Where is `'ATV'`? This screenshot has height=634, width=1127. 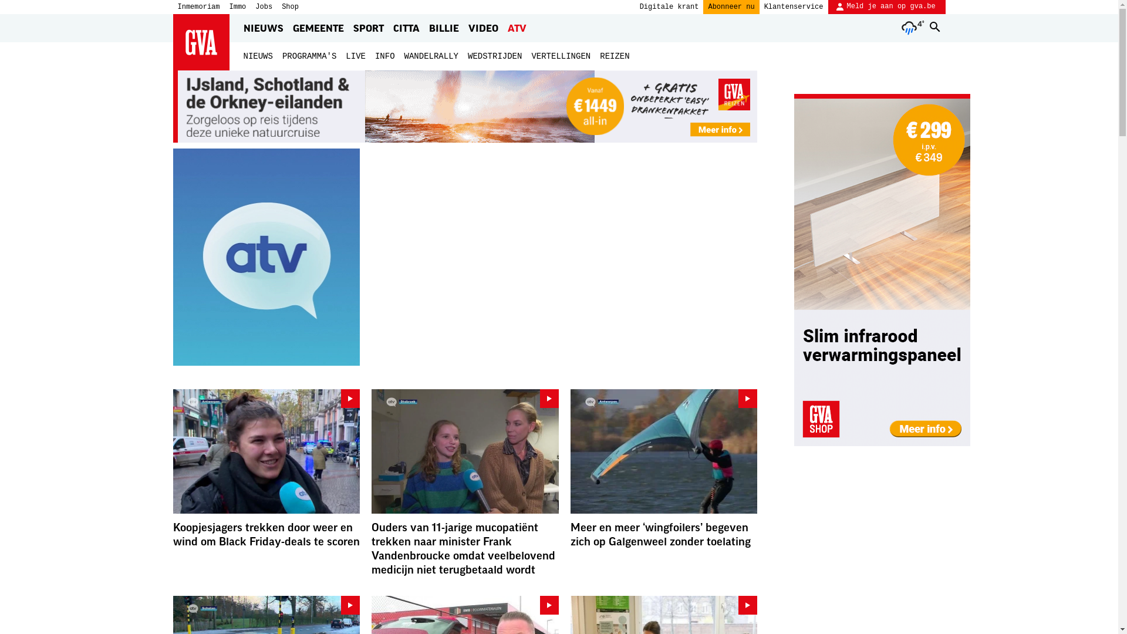
'ATV' is located at coordinates (504, 27).